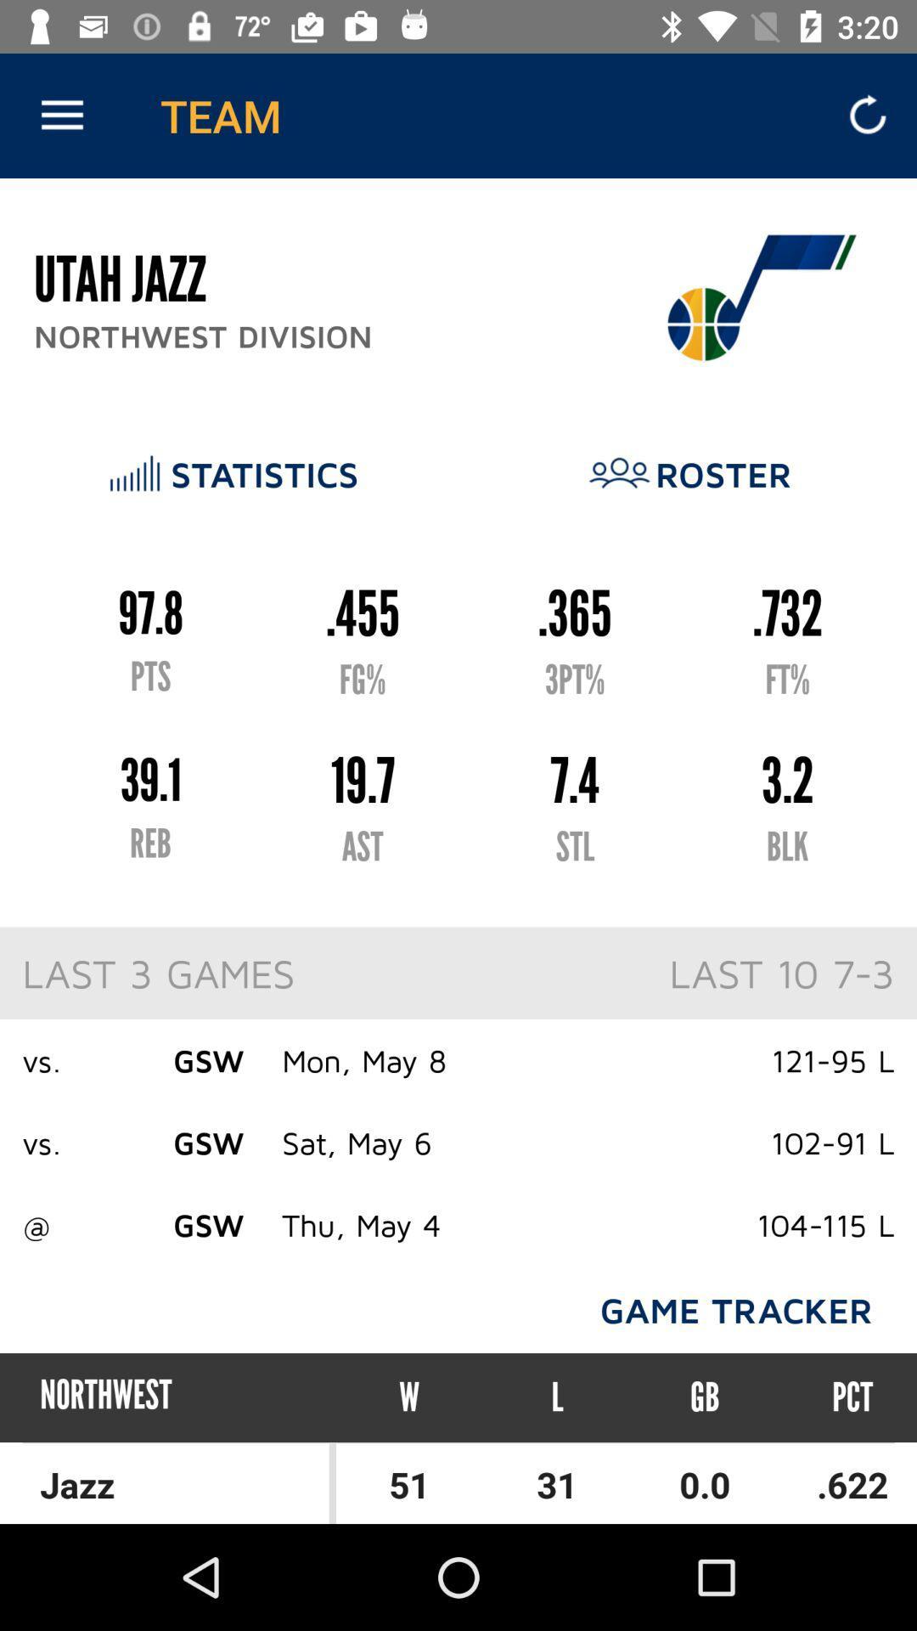 The image size is (917, 1631). Describe the element at coordinates (835, 1397) in the screenshot. I see `icon to the right of gb` at that location.